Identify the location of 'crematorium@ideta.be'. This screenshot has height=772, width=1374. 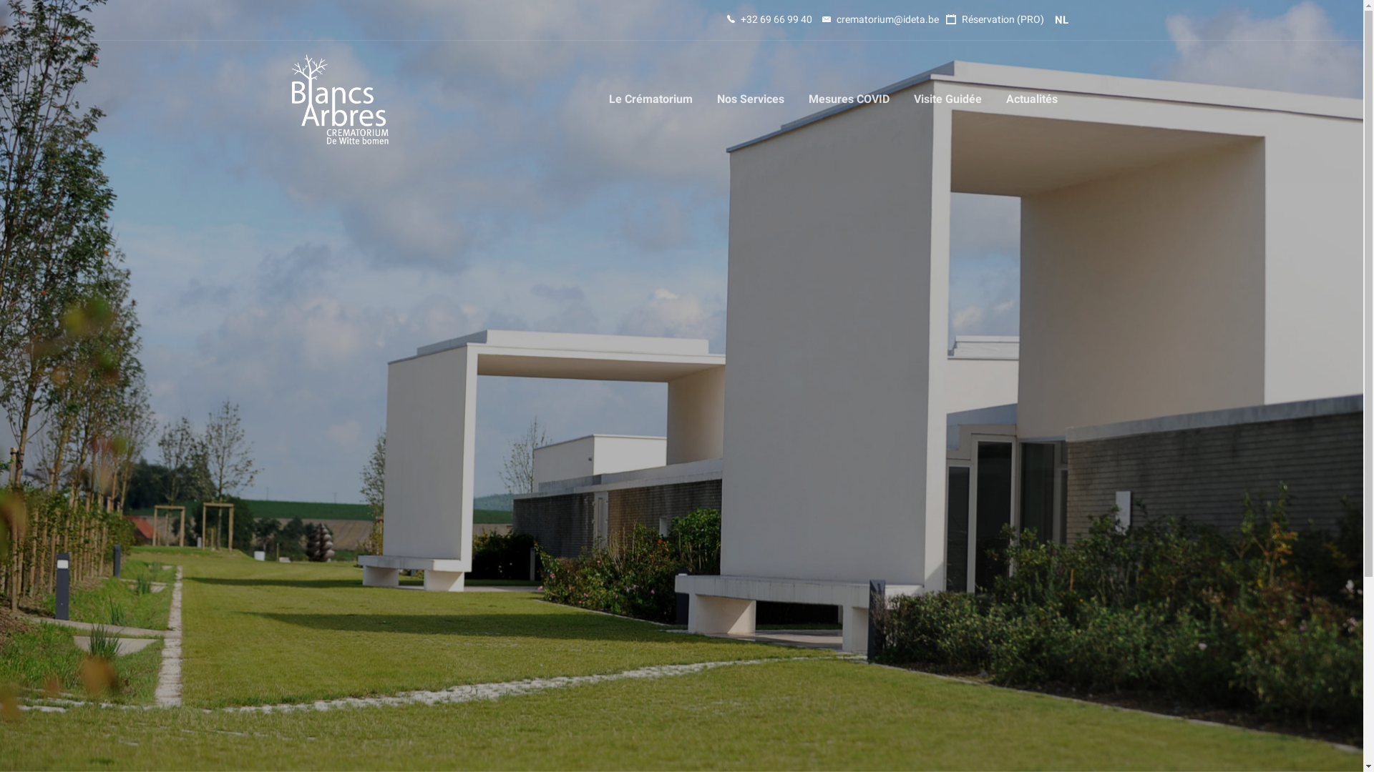
(502, 656).